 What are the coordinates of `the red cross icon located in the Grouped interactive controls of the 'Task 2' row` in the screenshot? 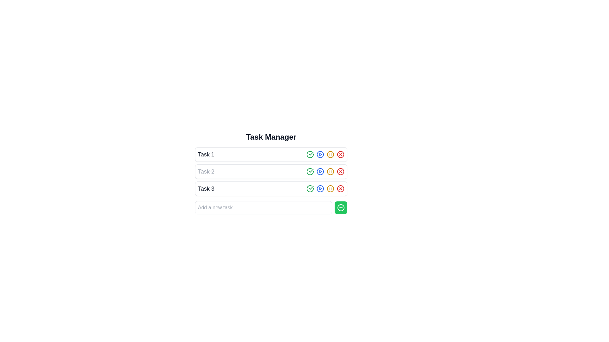 It's located at (325, 172).